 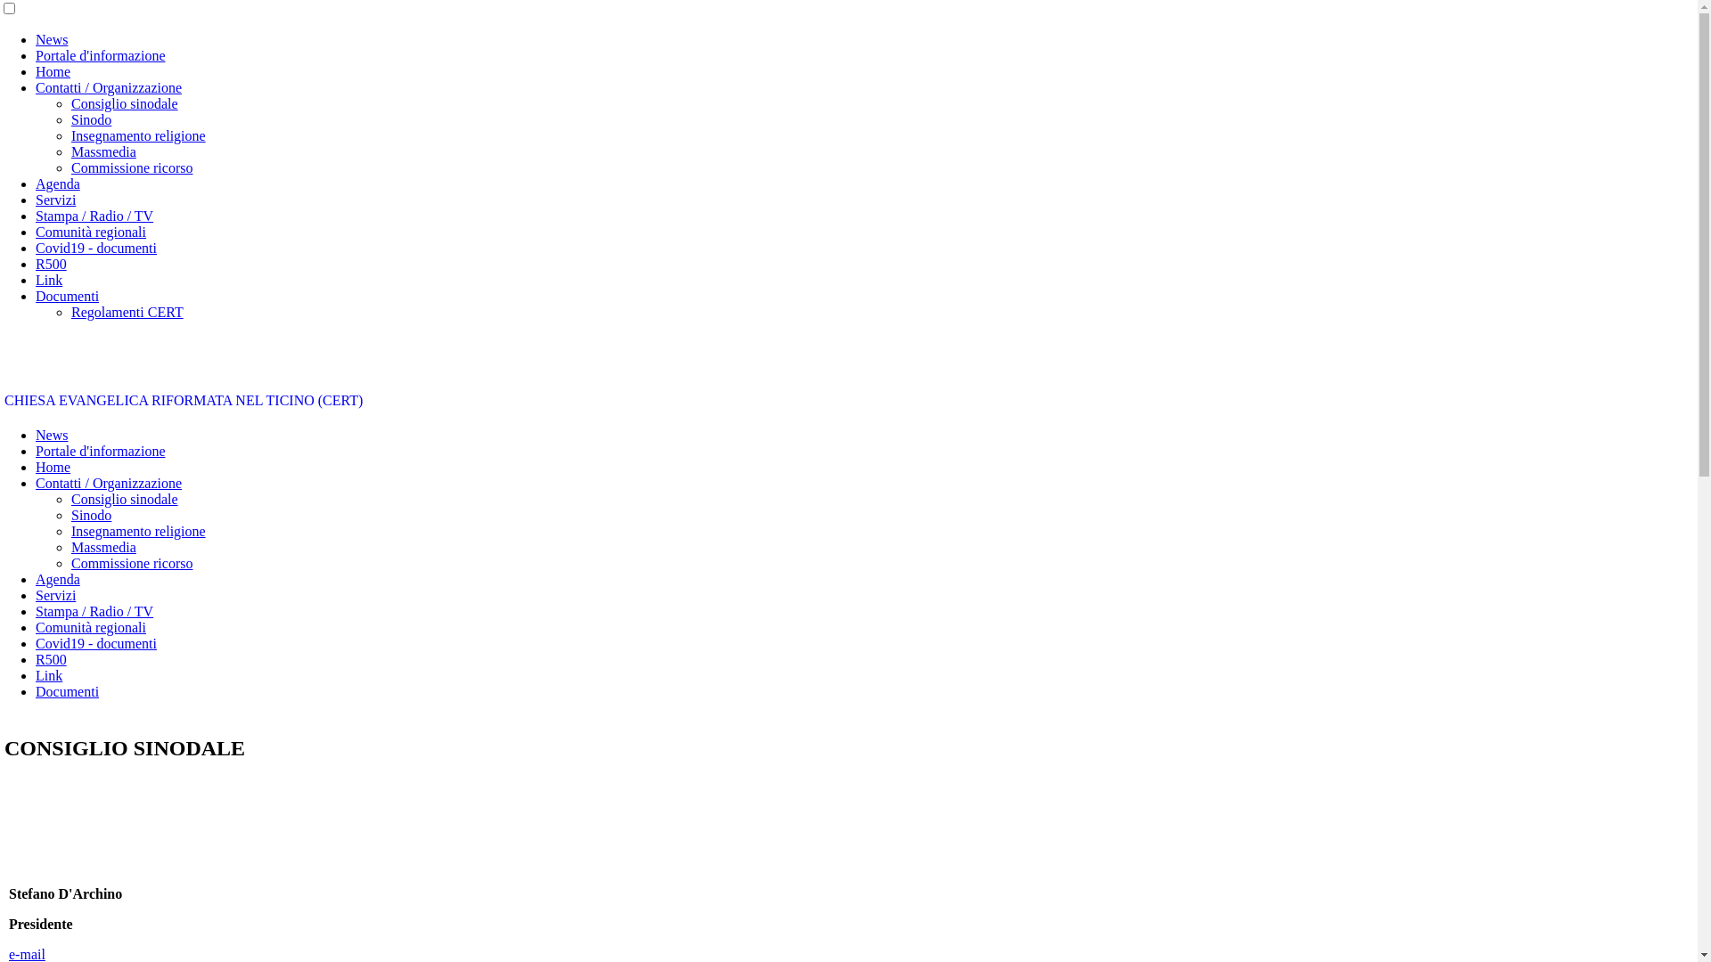 What do you see at coordinates (58, 183) in the screenshot?
I see `'Agenda'` at bounding box center [58, 183].